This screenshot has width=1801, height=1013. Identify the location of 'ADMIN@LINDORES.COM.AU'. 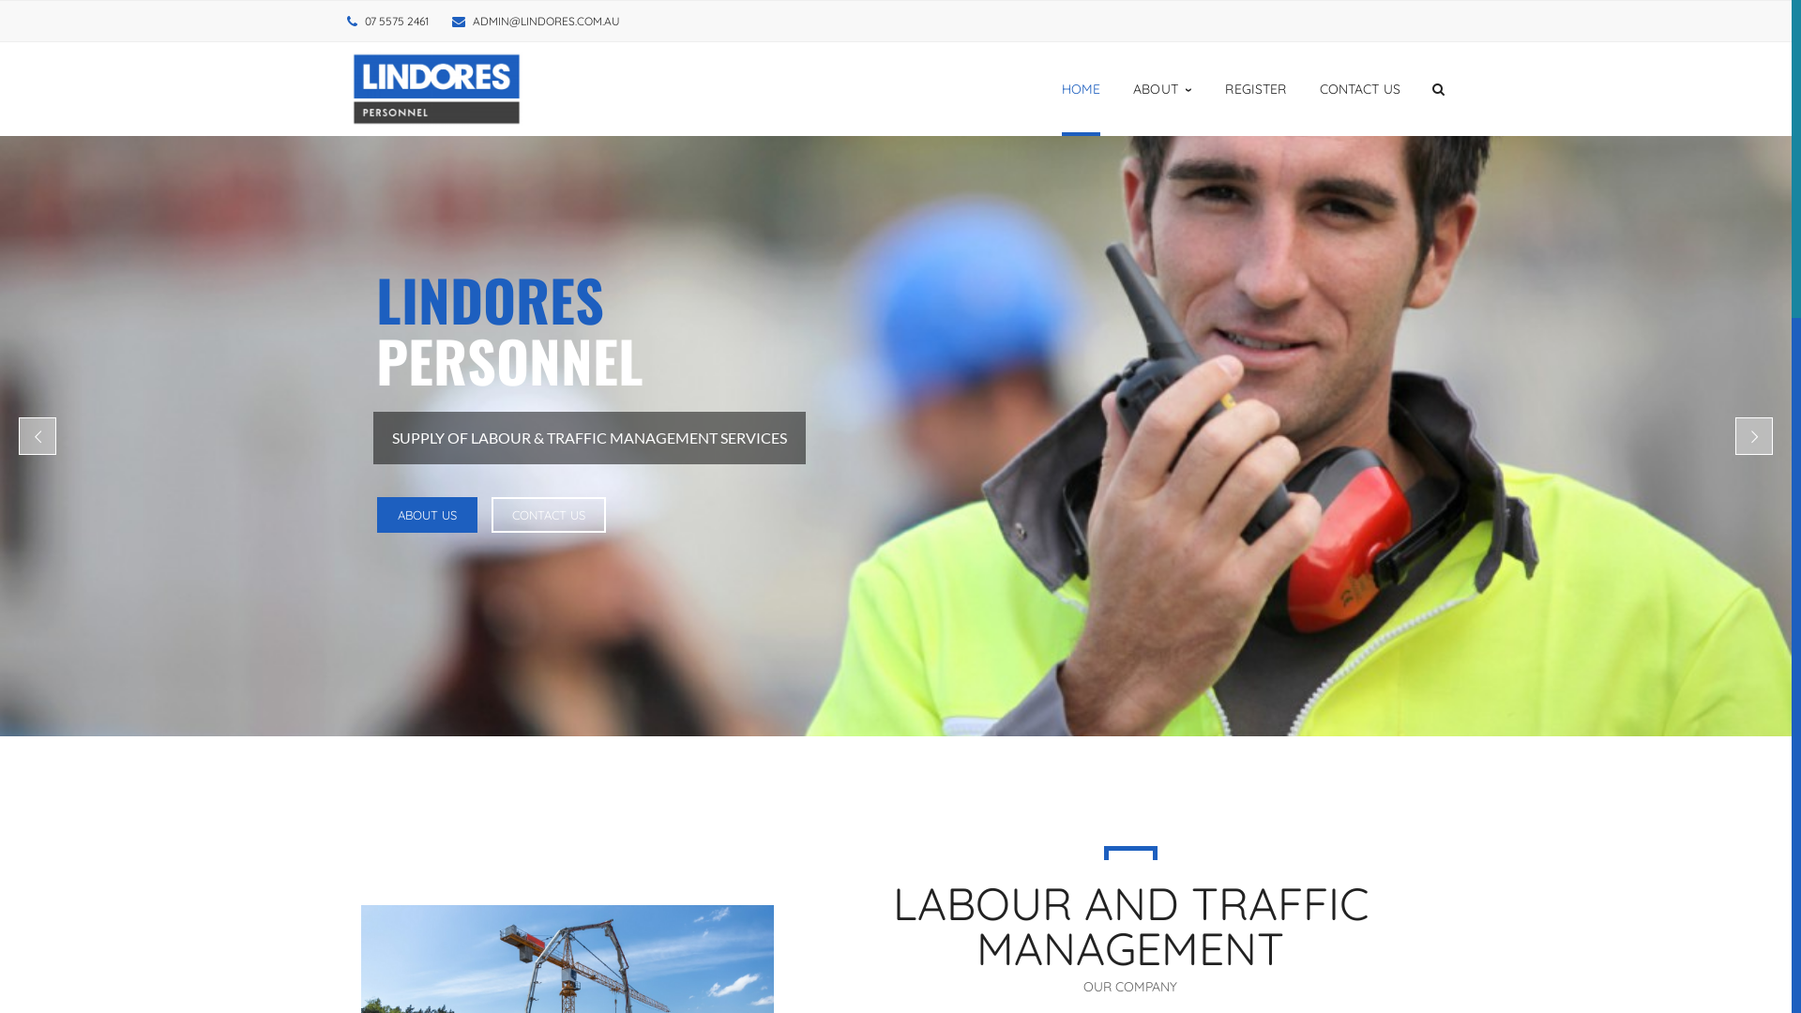
(545, 21).